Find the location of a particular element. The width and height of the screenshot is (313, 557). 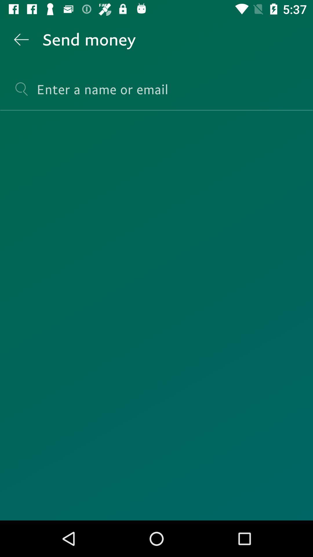

search for a name or email is located at coordinates (156, 94).